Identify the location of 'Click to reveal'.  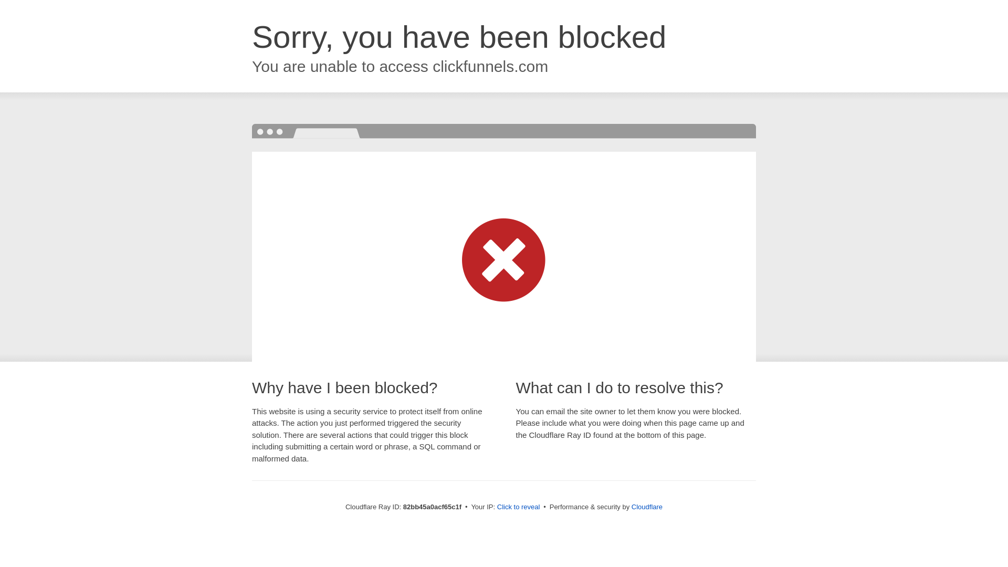
(519, 506).